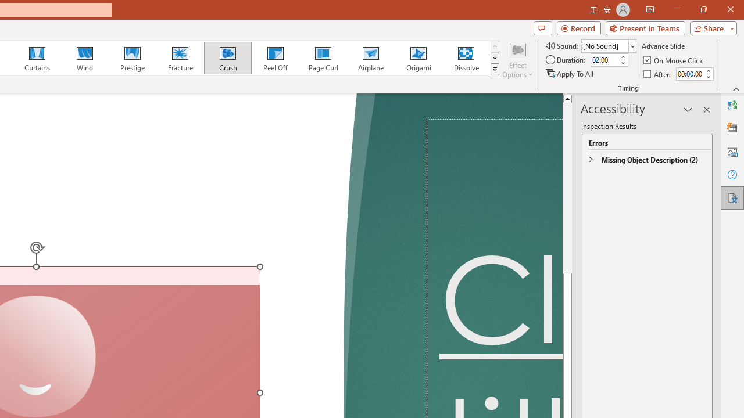 This screenshot has width=744, height=418. I want to click on 'Dissolve', so click(466, 58).